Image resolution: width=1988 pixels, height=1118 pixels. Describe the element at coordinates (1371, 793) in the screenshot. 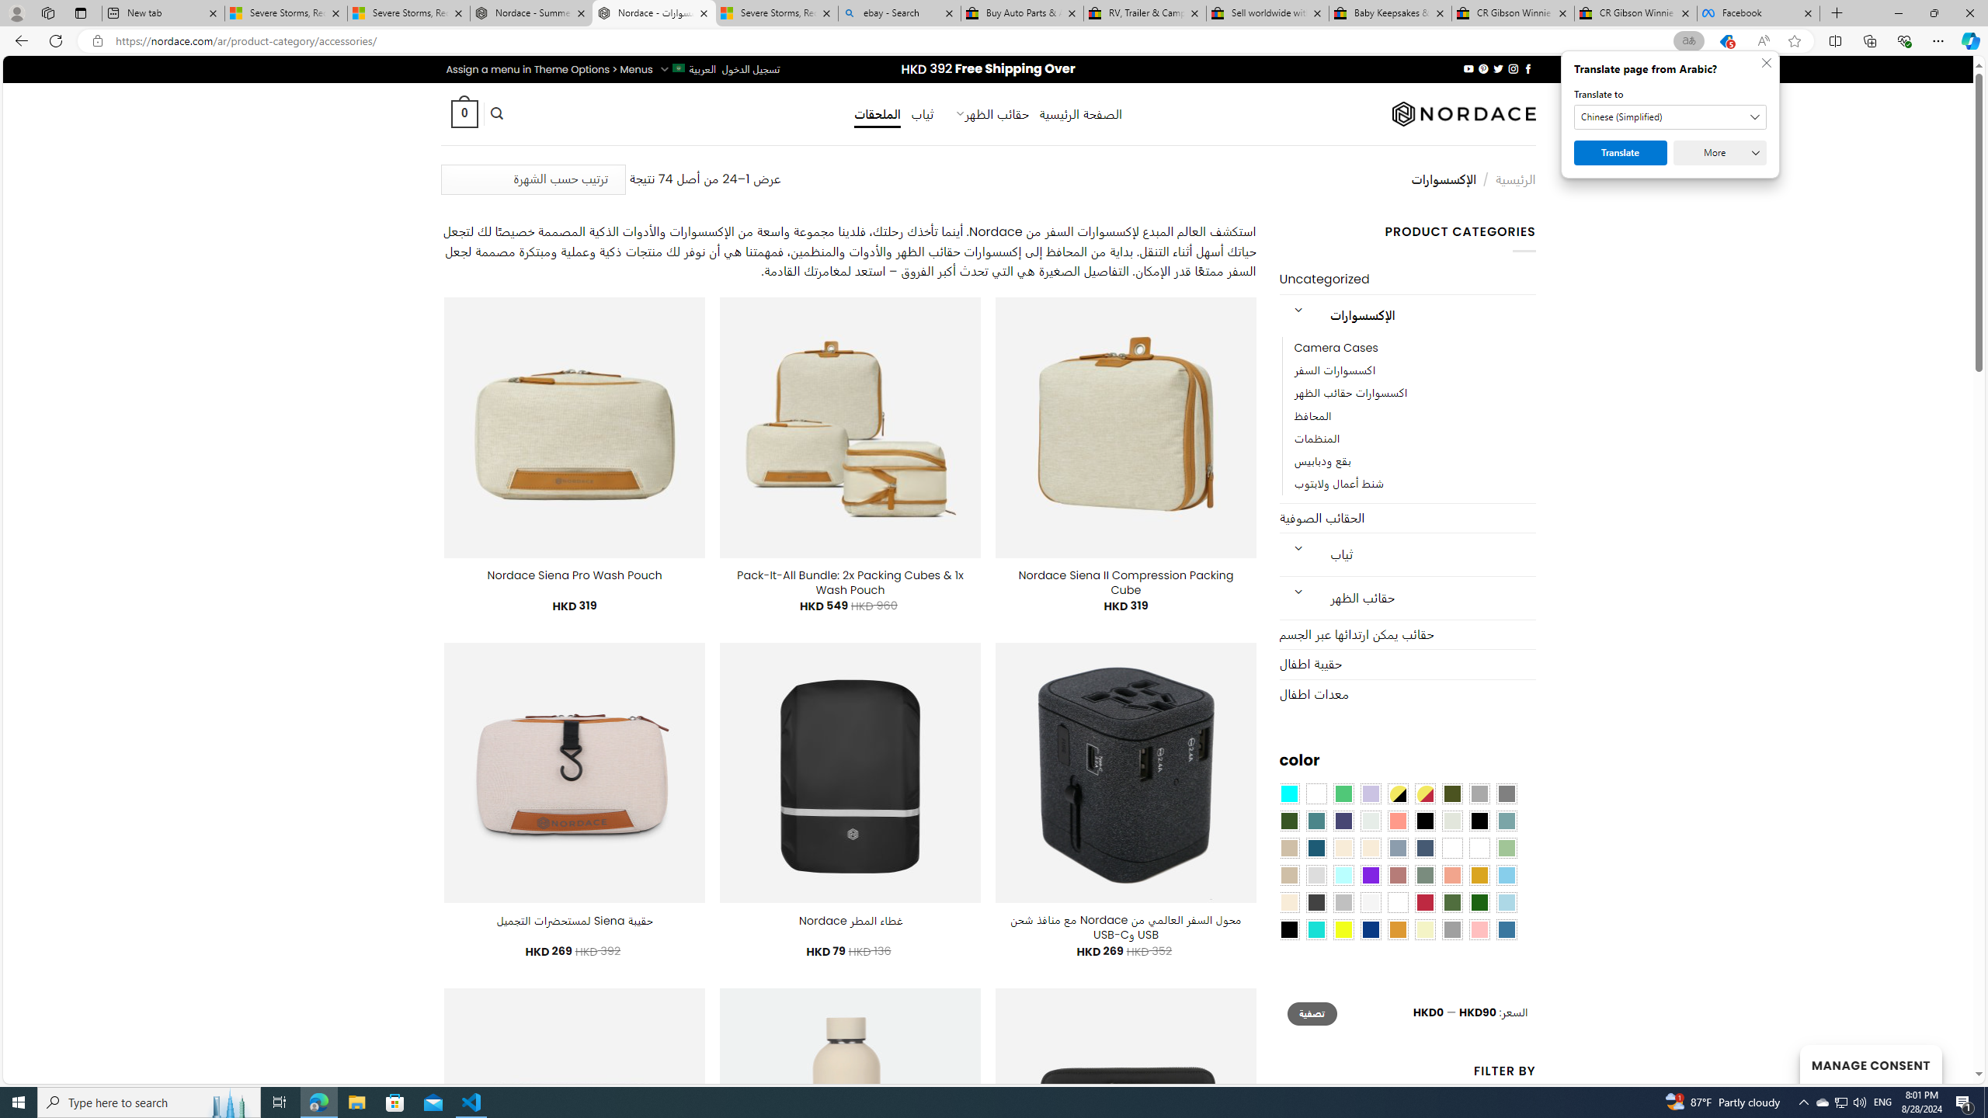

I see `'Light Purple'` at that location.